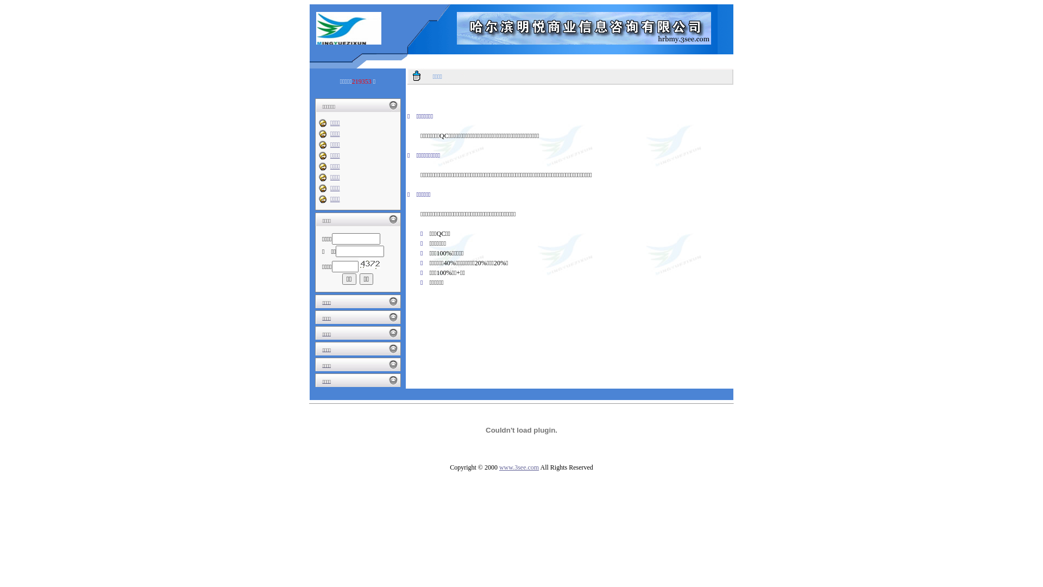 This screenshot has width=1043, height=587. Describe the element at coordinates (518, 467) in the screenshot. I see `'www.3see.com'` at that location.